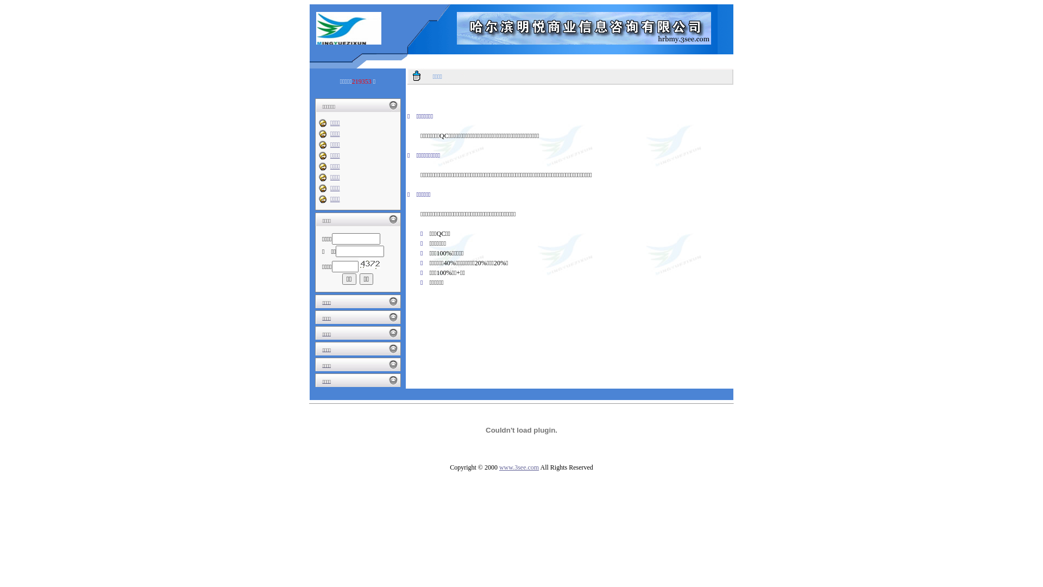 This screenshot has width=1043, height=587. Describe the element at coordinates (518, 467) in the screenshot. I see `'www.3see.com'` at that location.